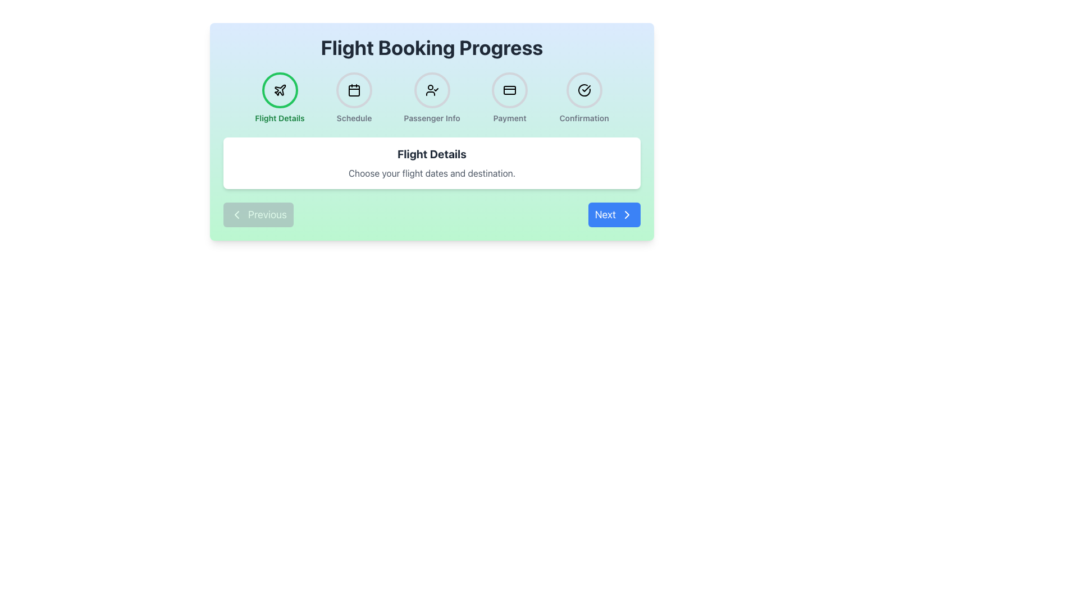 This screenshot has height=606, width=1078. What do you see at coordinates (584, 90) in the screenshot?
I see `the Icon Button representing the Confirmation step, which is located in the top section of the interface, above the text 'Confirmation'` at bounding box center [584, 90].